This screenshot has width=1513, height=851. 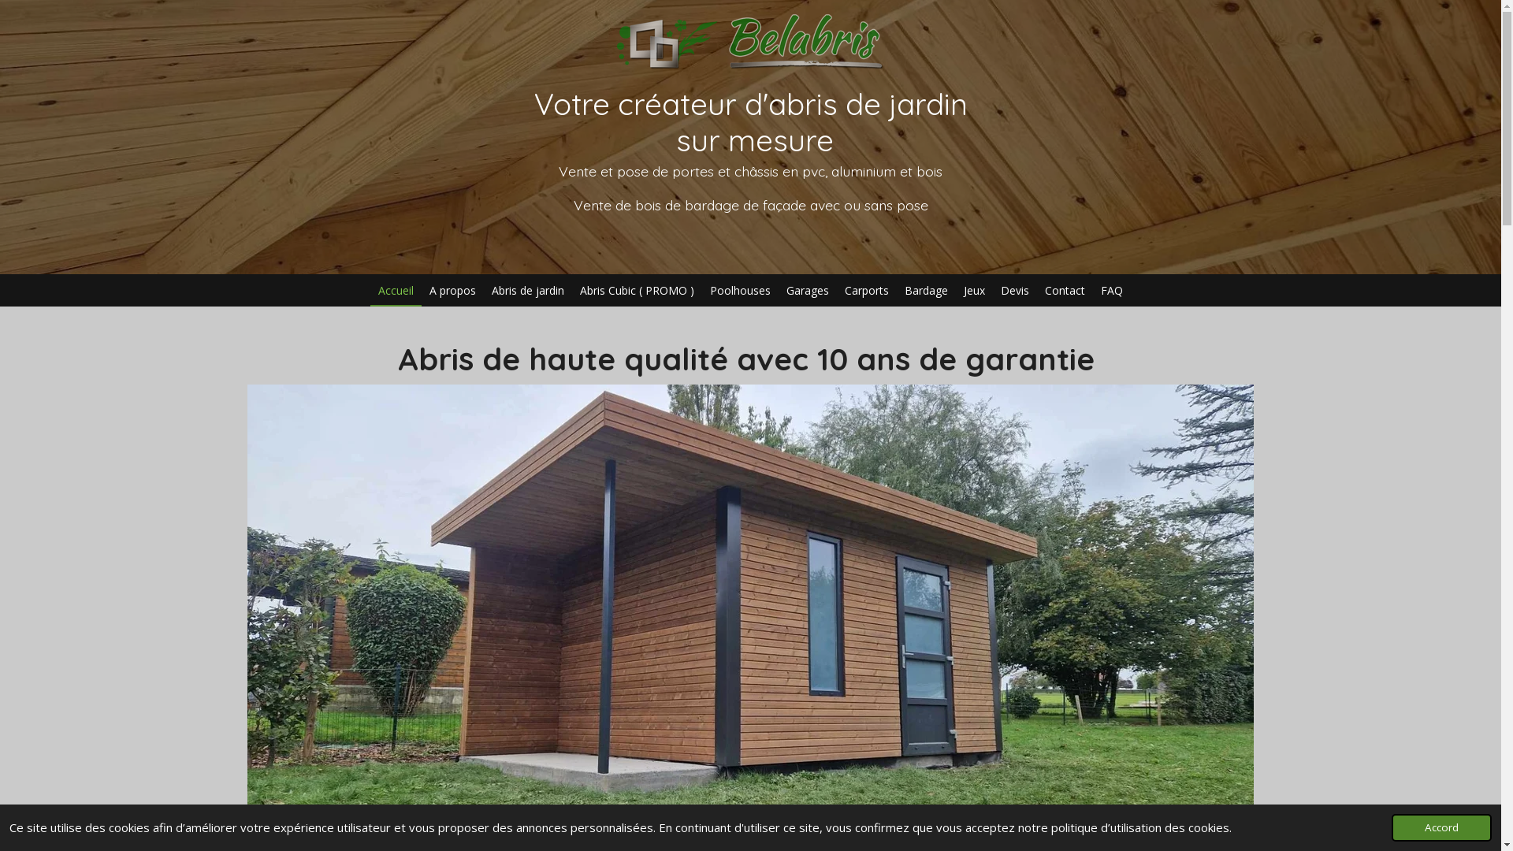 I want to click on 'Devis', so click(x=1014, y=289).